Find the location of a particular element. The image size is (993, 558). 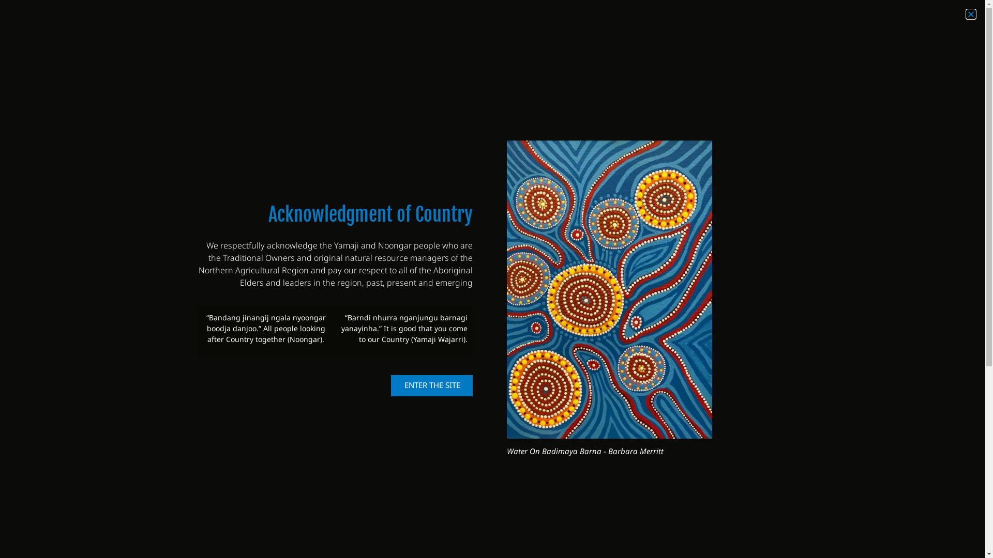

'THE REGION' is located at coordinates (581, 53).